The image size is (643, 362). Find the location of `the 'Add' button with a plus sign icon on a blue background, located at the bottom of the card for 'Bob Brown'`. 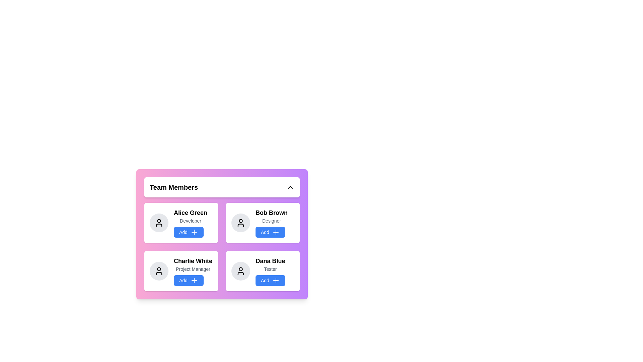

the 'Add' button with a plus sign icon on a blue background, located at the bottom of the card for 'Bob Brown' is located at coordinates (270, 232).